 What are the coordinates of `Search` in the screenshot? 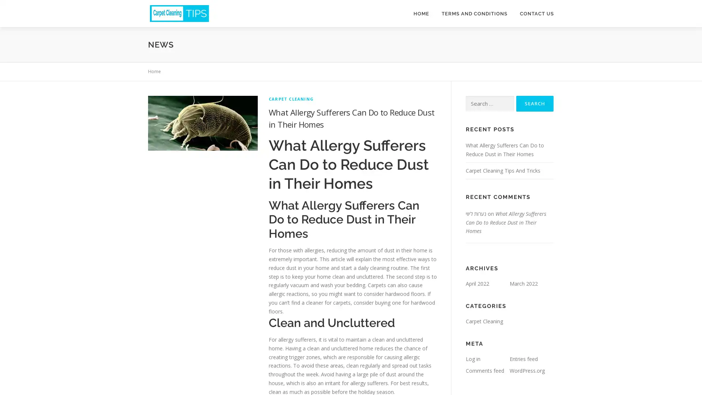 It's located at (535, 104).